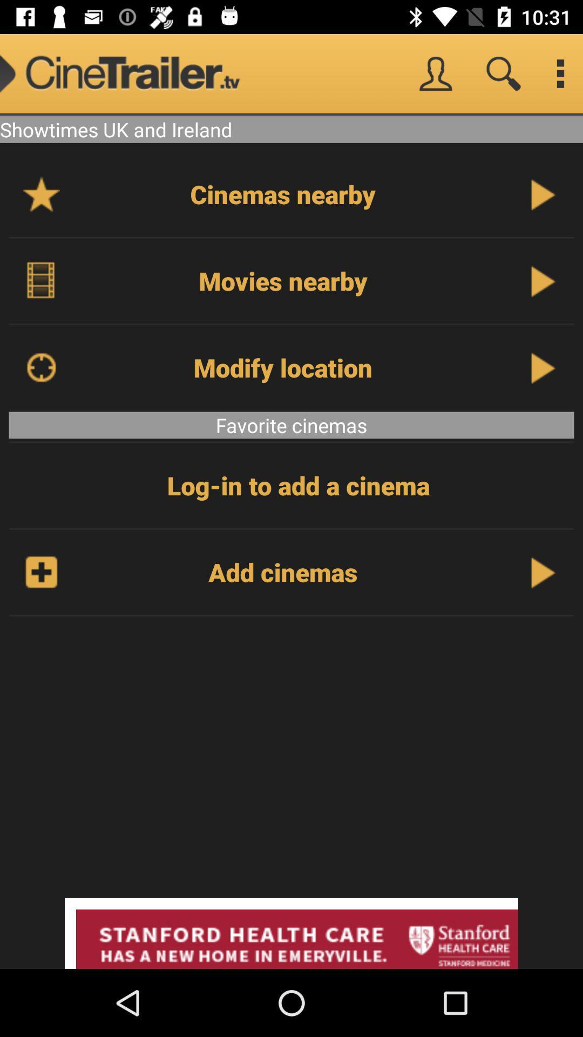 This screenshot has height=1037, width=583. Describe the element at coordinates (291, 933) in the screenshot. I see `advertisement banner` at that location.